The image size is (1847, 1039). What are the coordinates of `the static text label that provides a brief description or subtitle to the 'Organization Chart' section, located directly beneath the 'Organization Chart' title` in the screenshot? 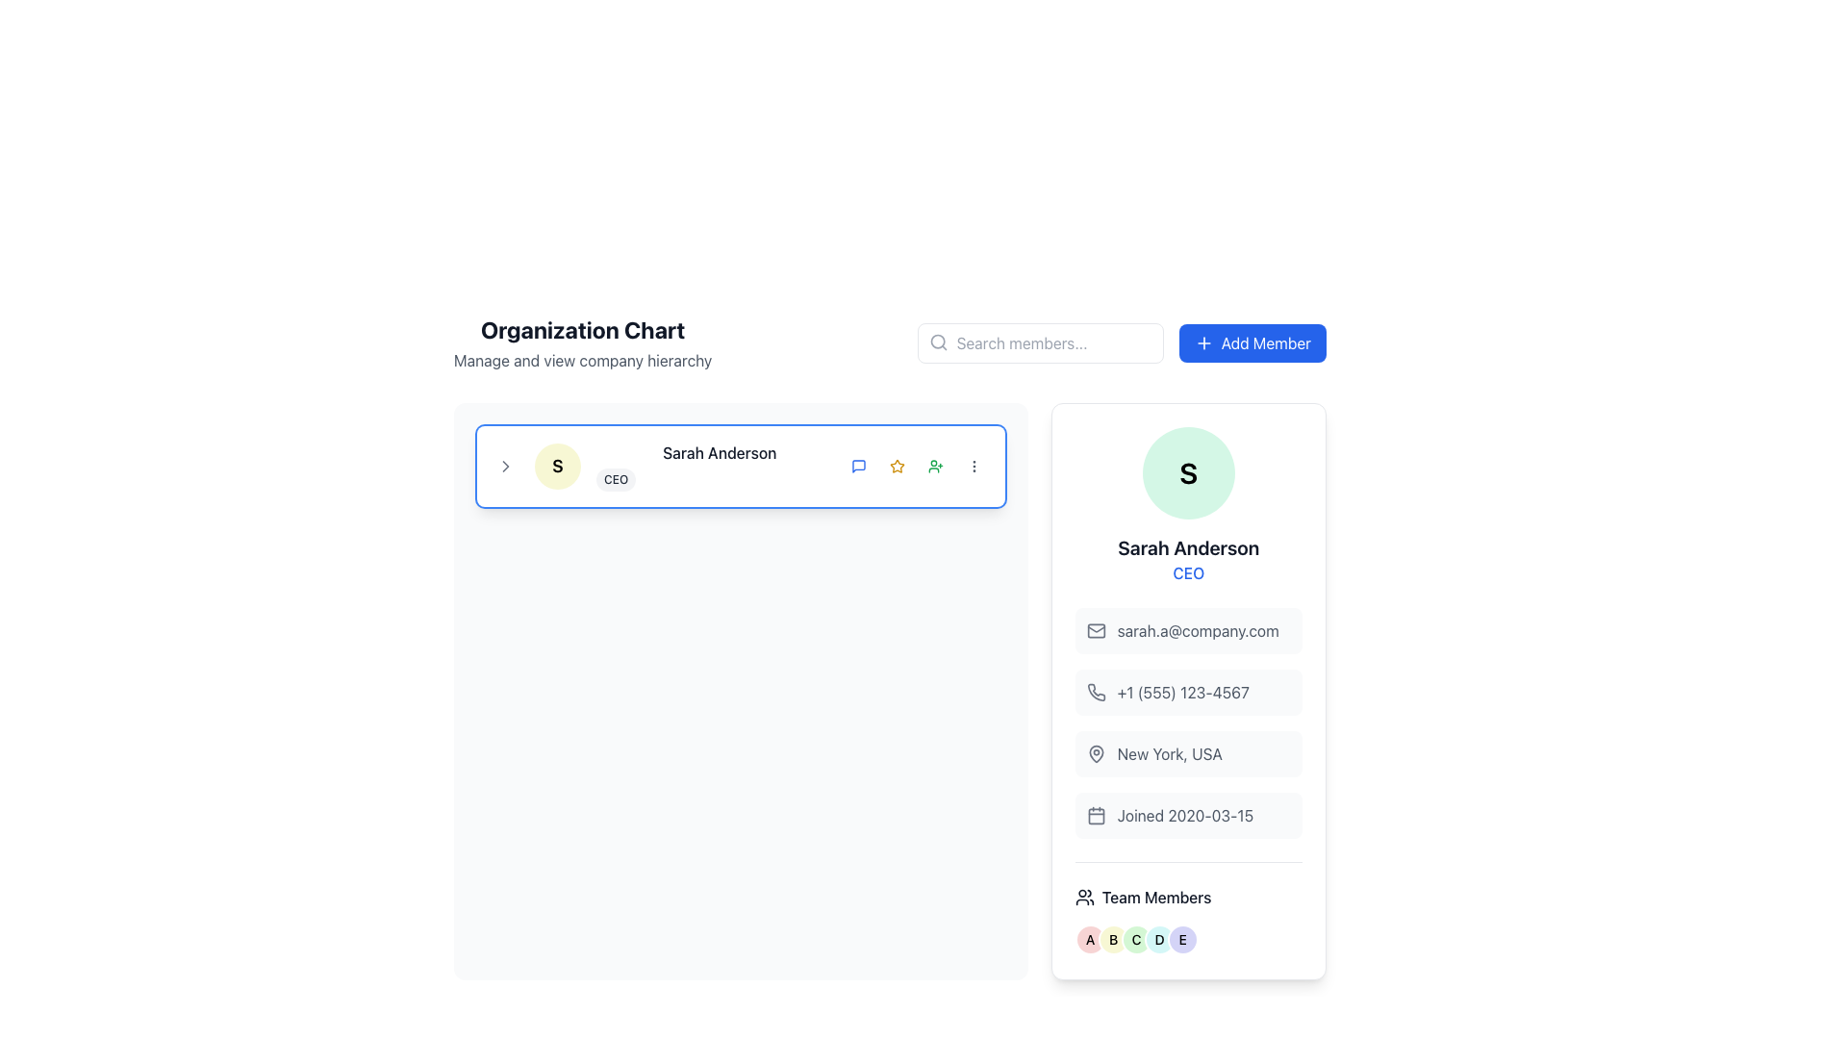 It's located at (582, 360).